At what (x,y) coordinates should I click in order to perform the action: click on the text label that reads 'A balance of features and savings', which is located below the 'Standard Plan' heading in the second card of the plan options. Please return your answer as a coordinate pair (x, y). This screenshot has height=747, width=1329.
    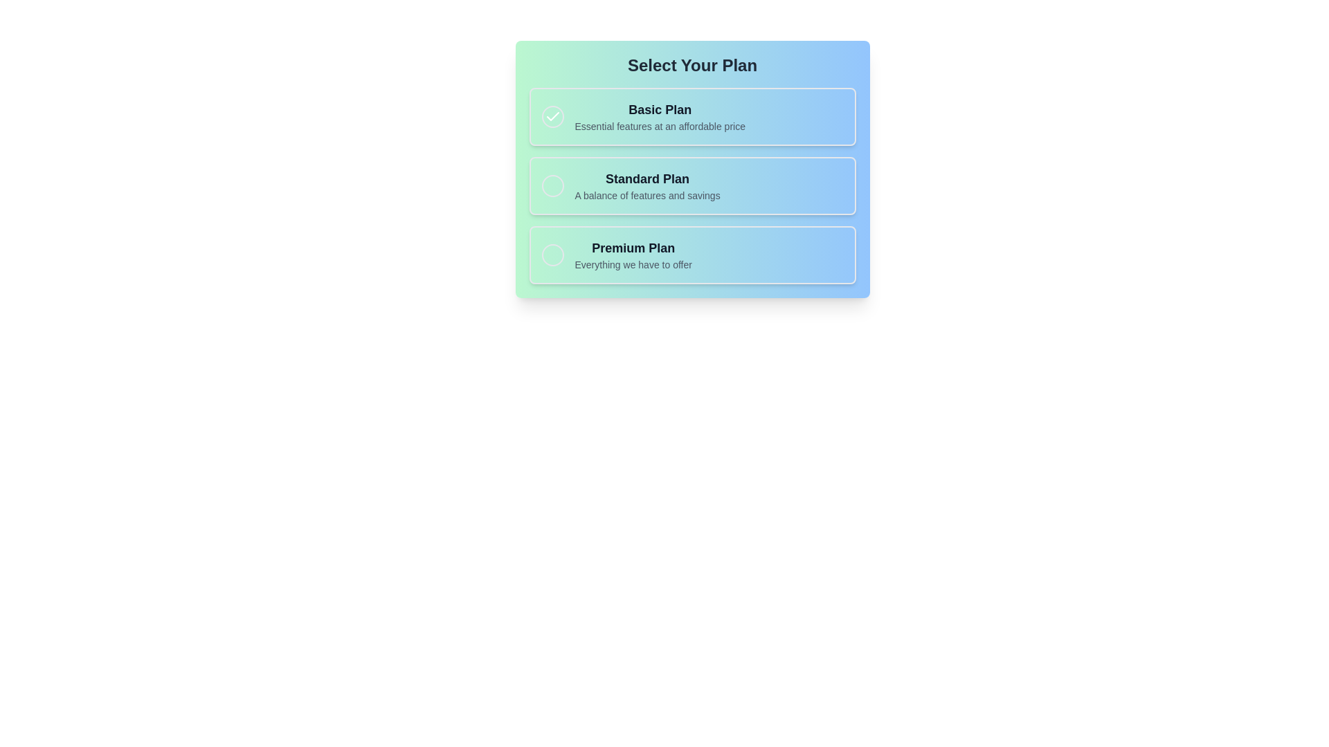
    Looking at the image, I should click on (647, 195).